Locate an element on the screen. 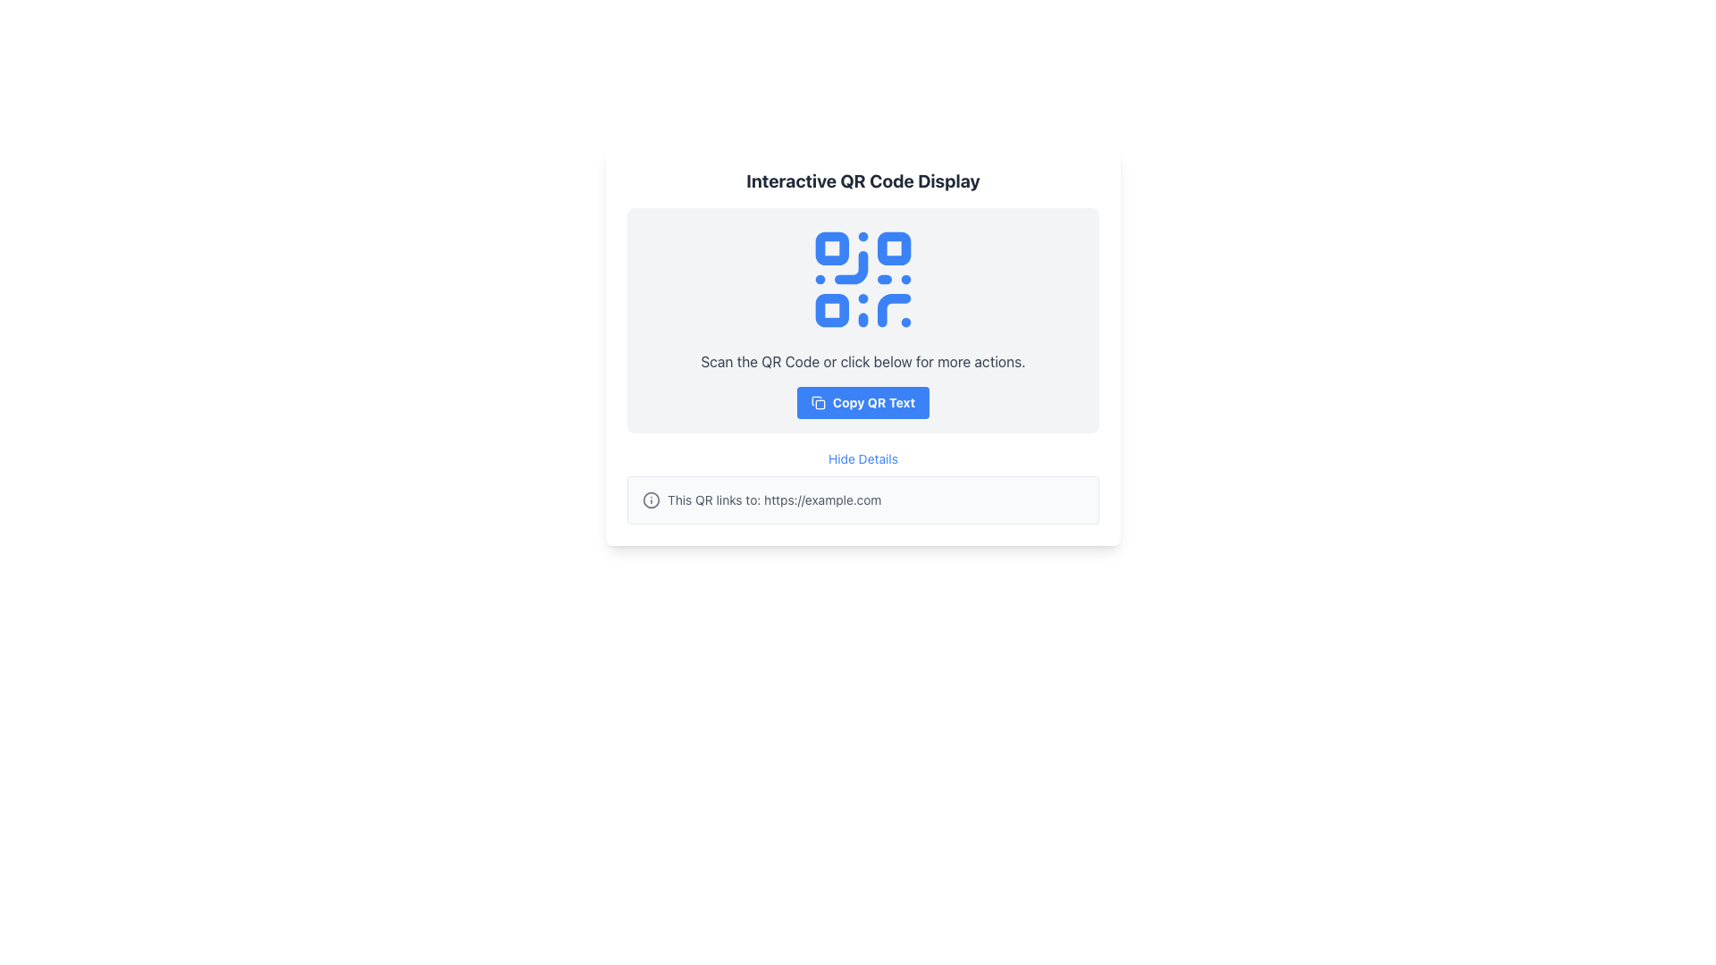 This screenshot has width=1716, height=965. the Informational text block that displays 'This QR links to: https://example.com', which is located beneath the 'Hide Details' link and features a left-aligned information icon is located at coordinates (862, 499).